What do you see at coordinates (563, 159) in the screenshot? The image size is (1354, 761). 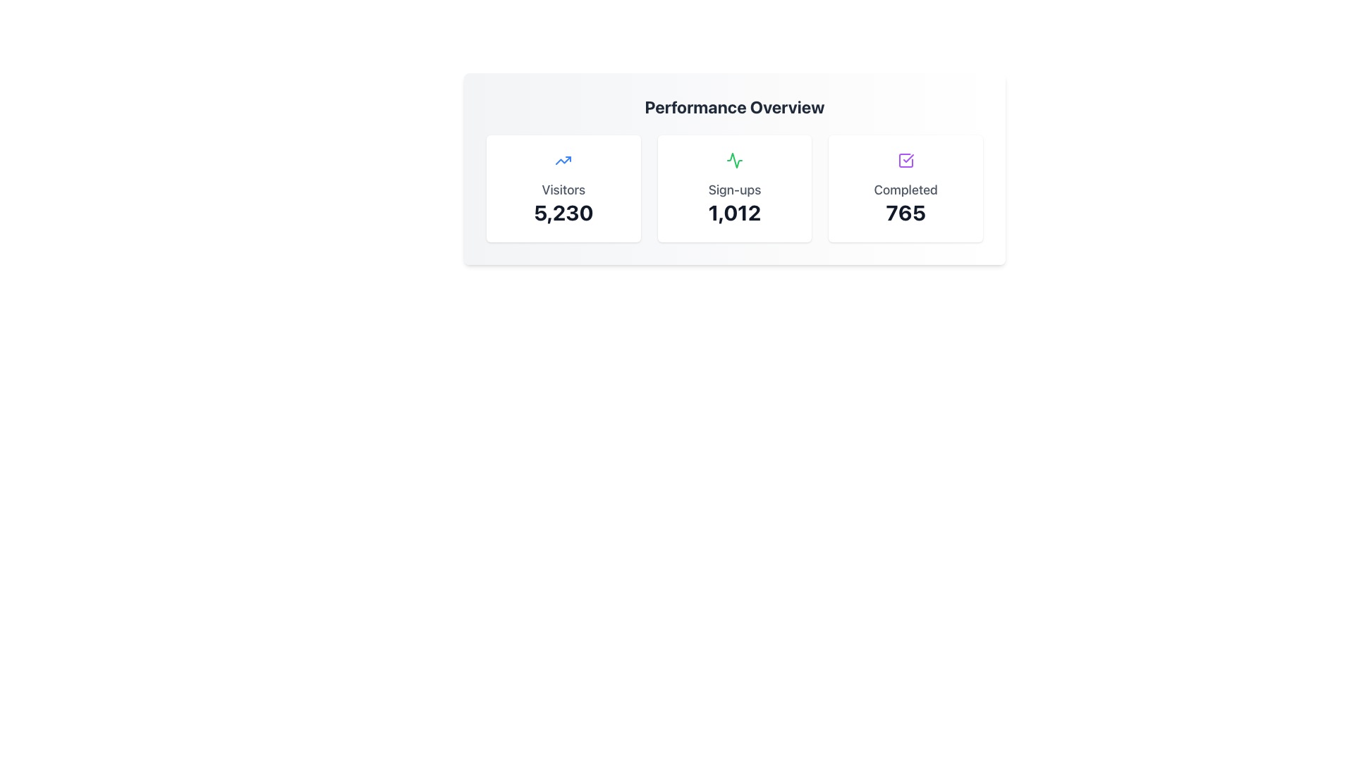 I see `the upward trending blue icon located at the top of the card containing 'Visitors' and the value '5,230'` at bounding box center [563, 159].